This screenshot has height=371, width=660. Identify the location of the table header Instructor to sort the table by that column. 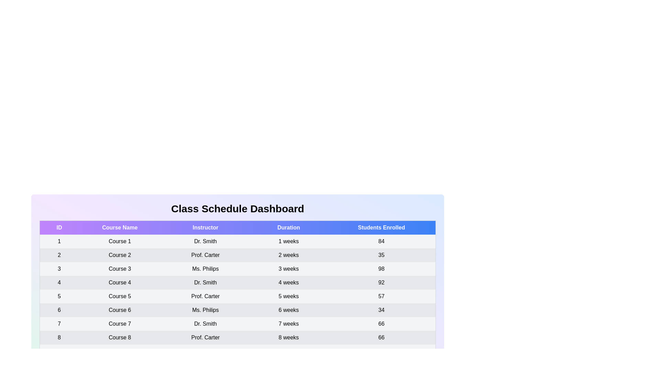
(205, 227).